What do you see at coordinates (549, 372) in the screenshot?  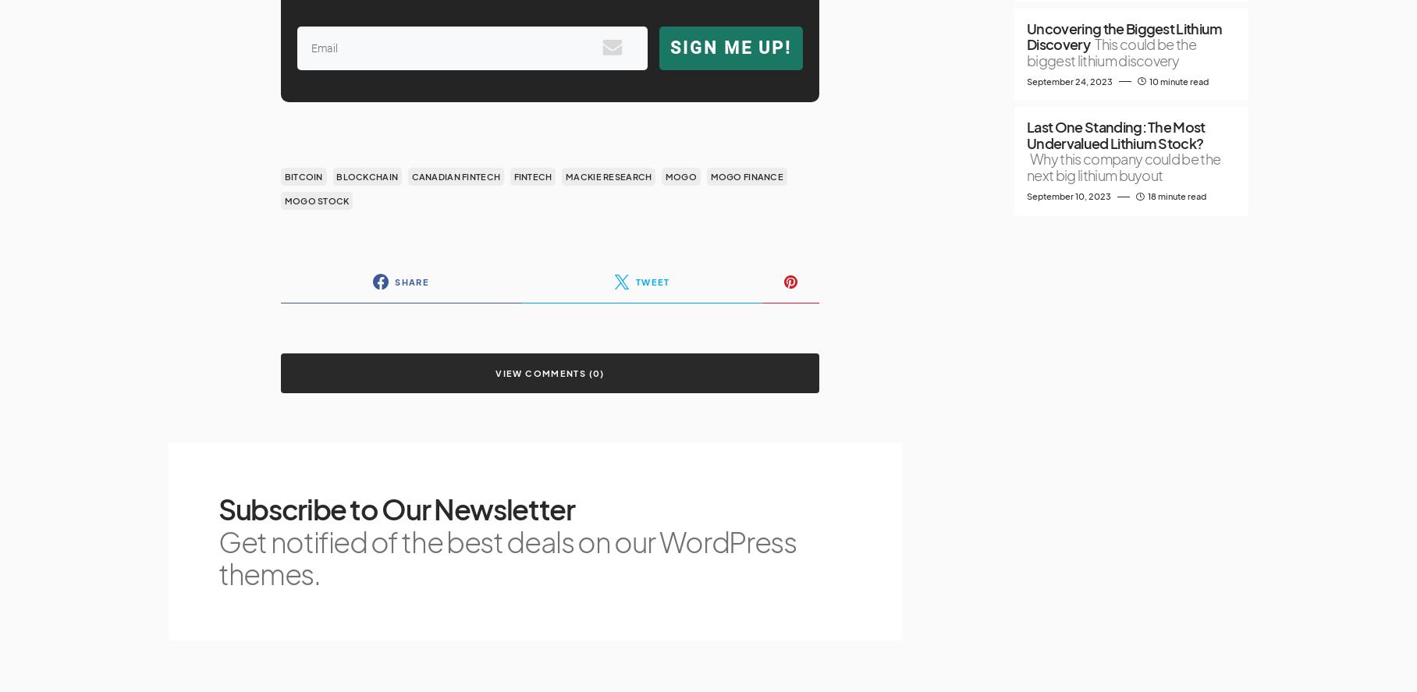 I see `'View Comments (0)'` at bounding box center [549, 372].